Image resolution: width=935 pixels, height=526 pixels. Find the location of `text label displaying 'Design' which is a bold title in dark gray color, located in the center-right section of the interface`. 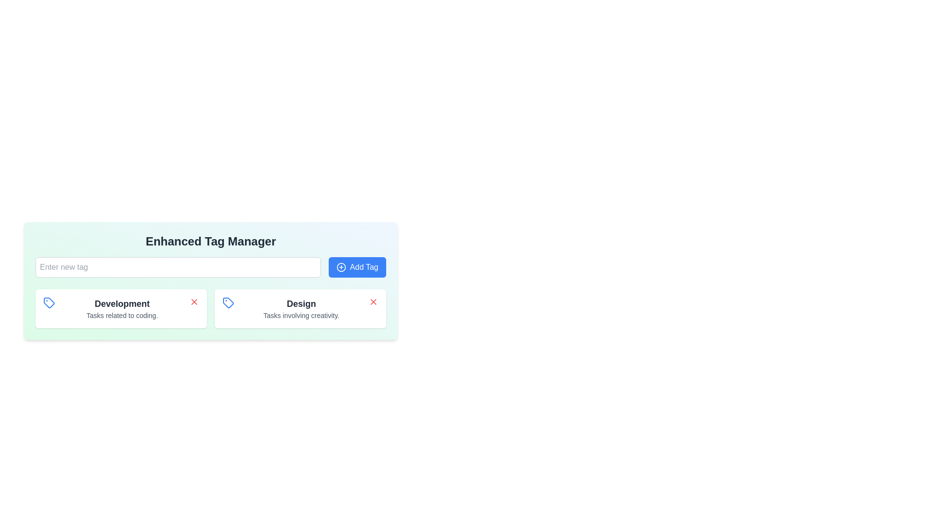

text label displaying 'Design' which is a bold title in dark gray color, located in the center-right section of the interface is located at coordinates (301, 303).